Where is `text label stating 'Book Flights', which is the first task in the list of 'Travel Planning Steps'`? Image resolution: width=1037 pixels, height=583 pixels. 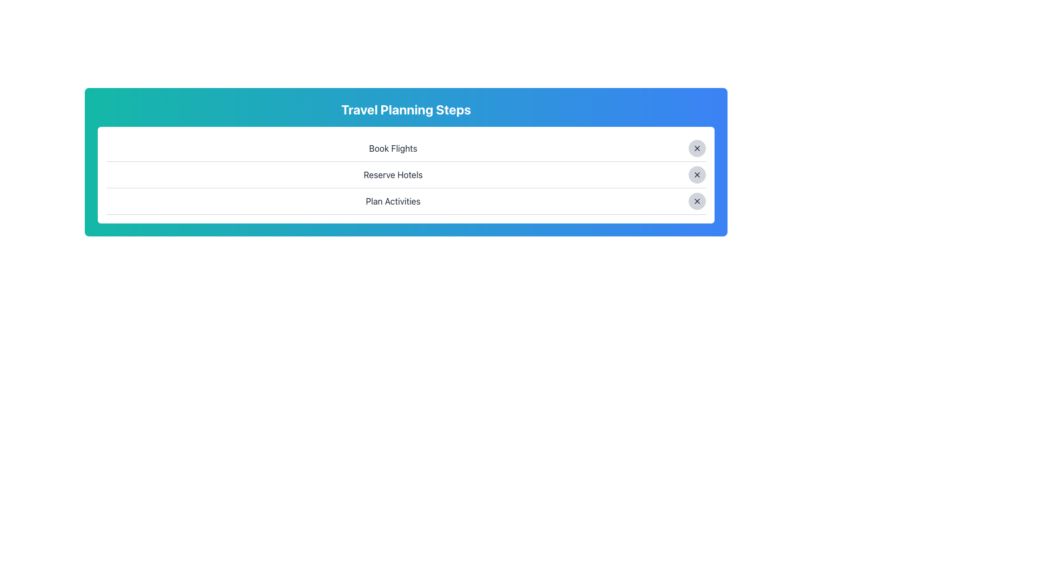
text label stating 'Book Flights', which is the first task in the list of 'Travel Planning Steps' is located at coordinates (393, 148).